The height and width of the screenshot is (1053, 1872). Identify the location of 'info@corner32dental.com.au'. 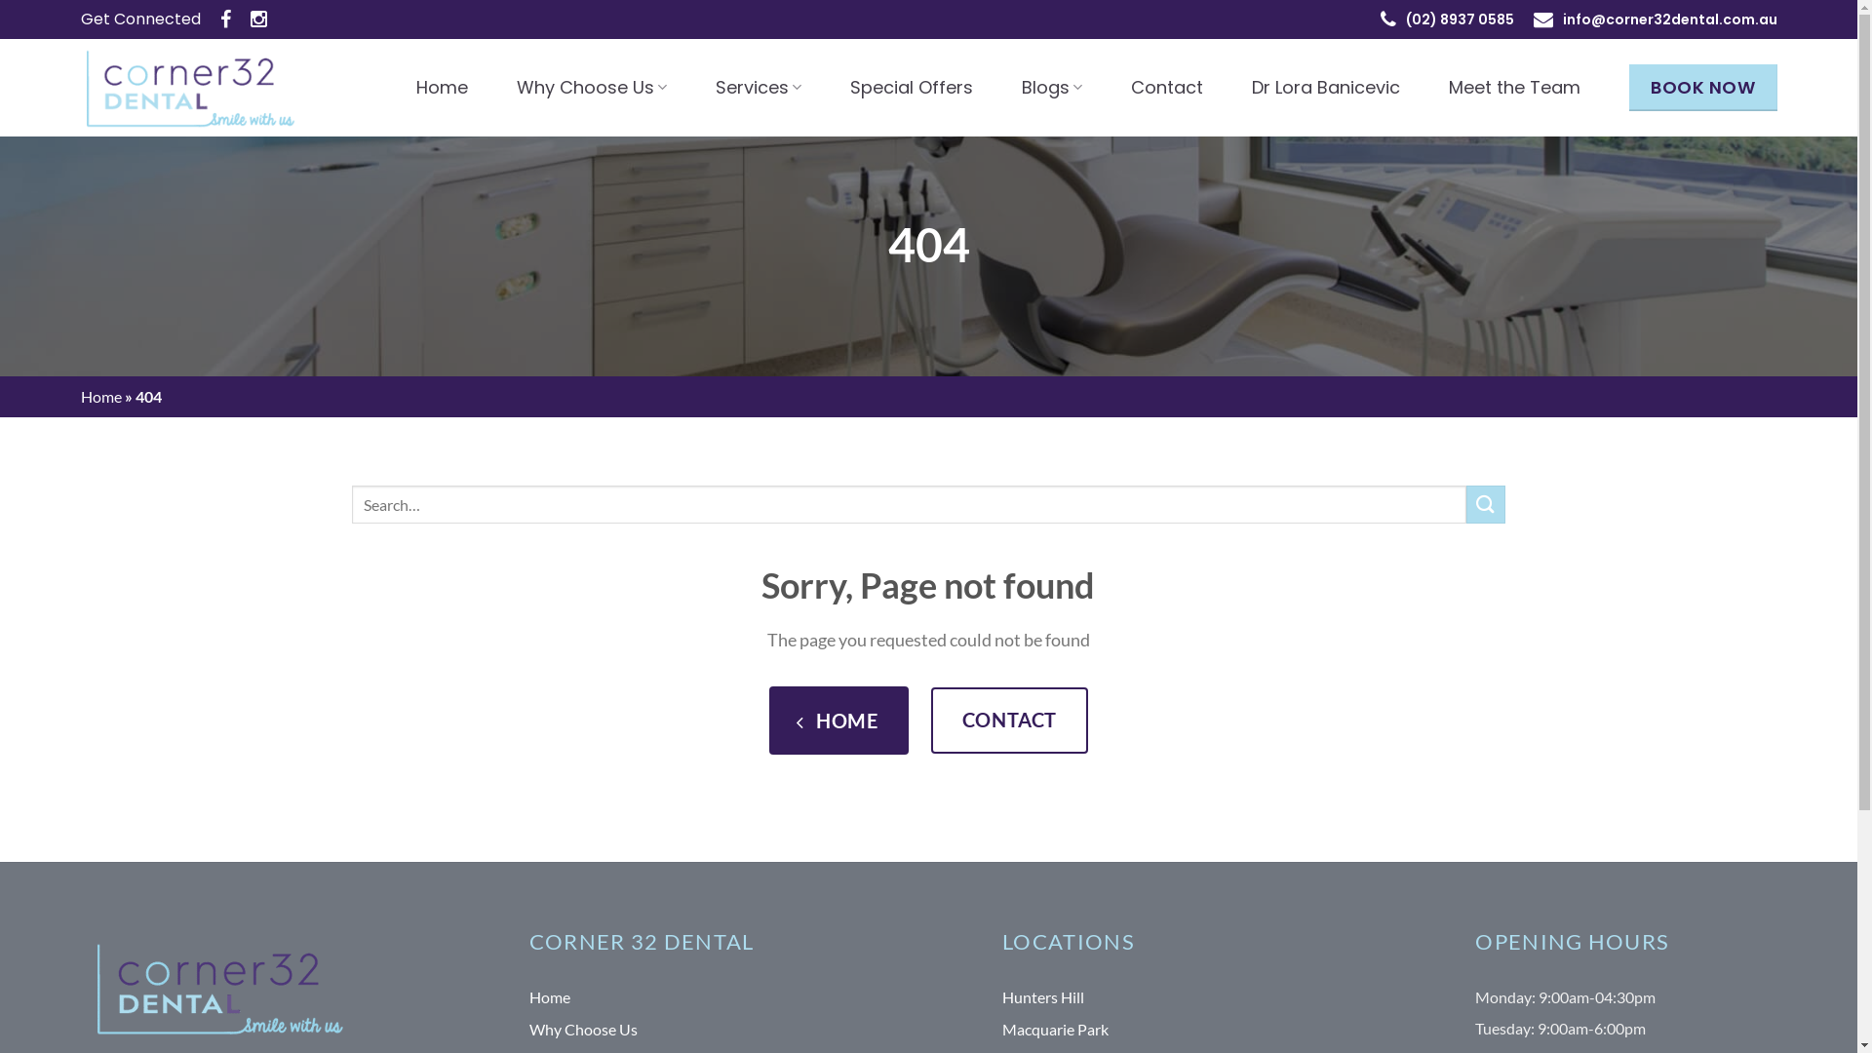
(1668, 19).